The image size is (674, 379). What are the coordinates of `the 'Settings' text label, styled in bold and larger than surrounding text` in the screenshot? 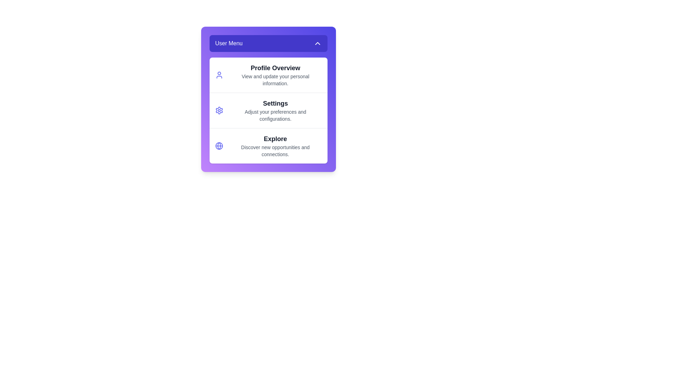 It's located at (275, 103).